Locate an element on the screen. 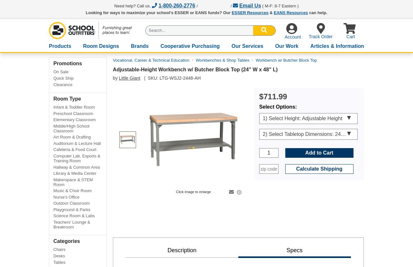 This screenshot has height=267, width=413. '|  SKU: LTG-WSJ2-2448-AH' is located at coordinates (172, 77).